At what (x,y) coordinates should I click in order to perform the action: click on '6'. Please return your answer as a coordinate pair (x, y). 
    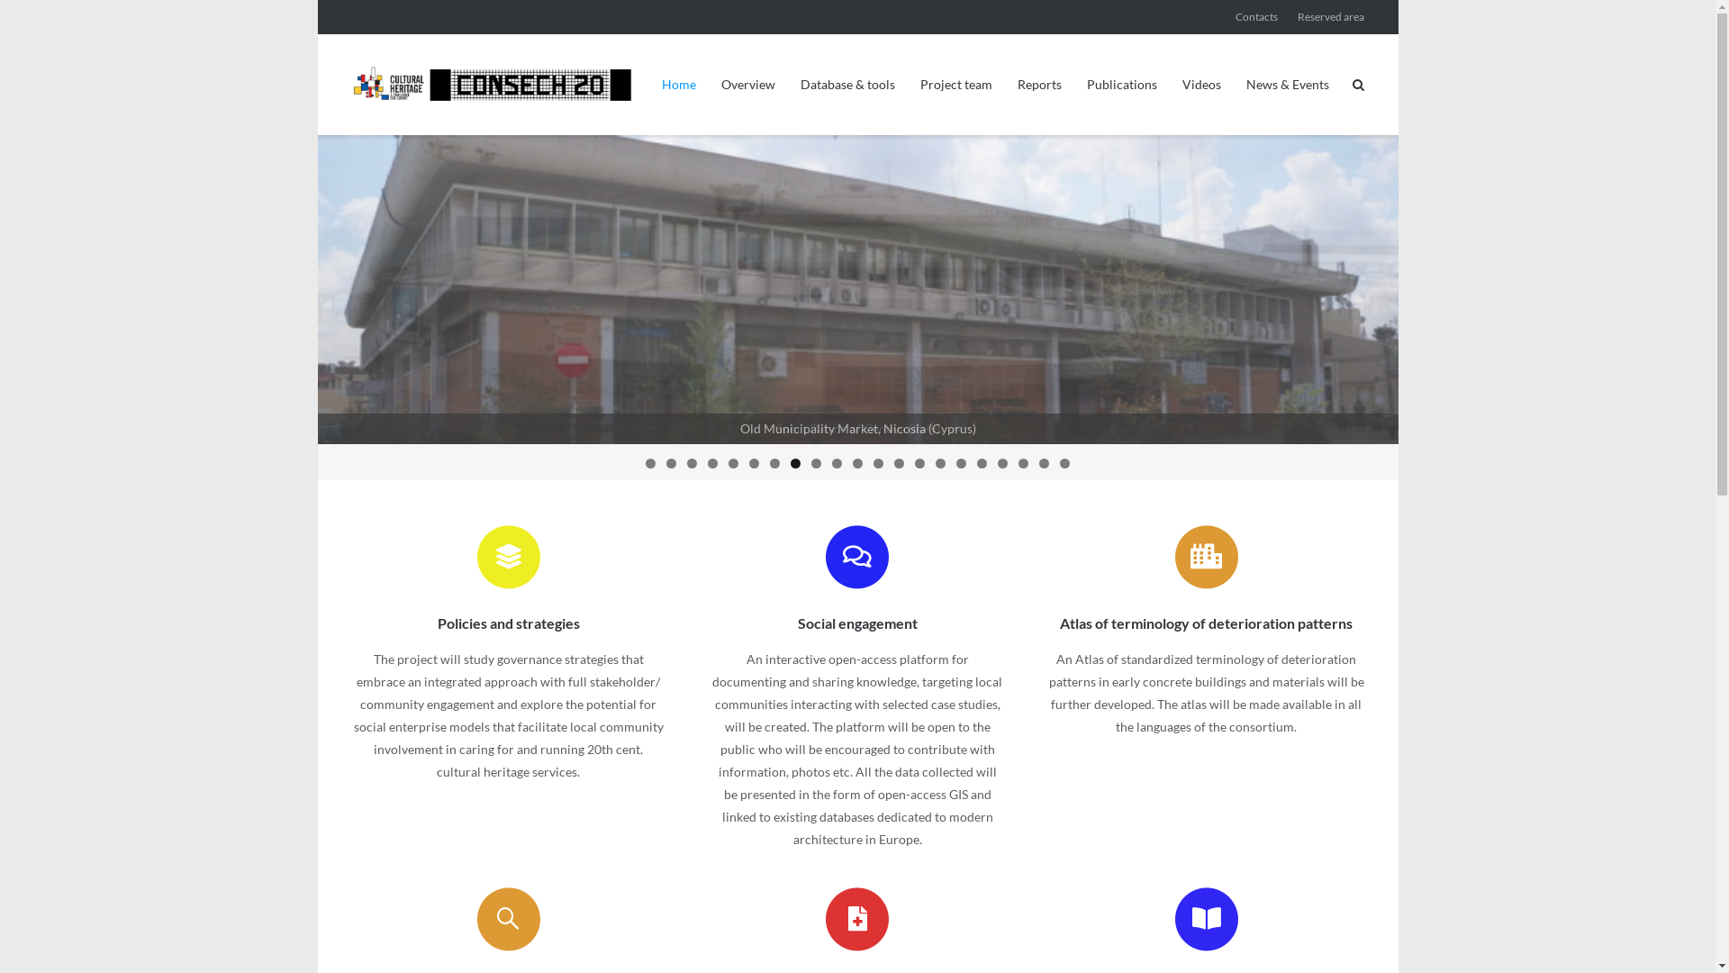
    Looking at the image, I should click on (754, 462).